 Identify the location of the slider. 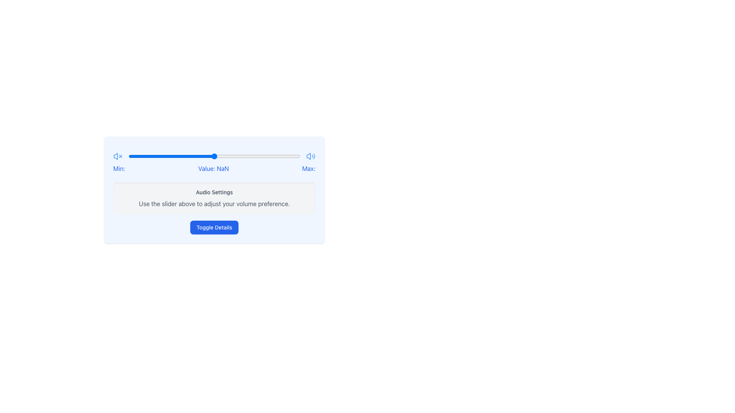
(171, 156).